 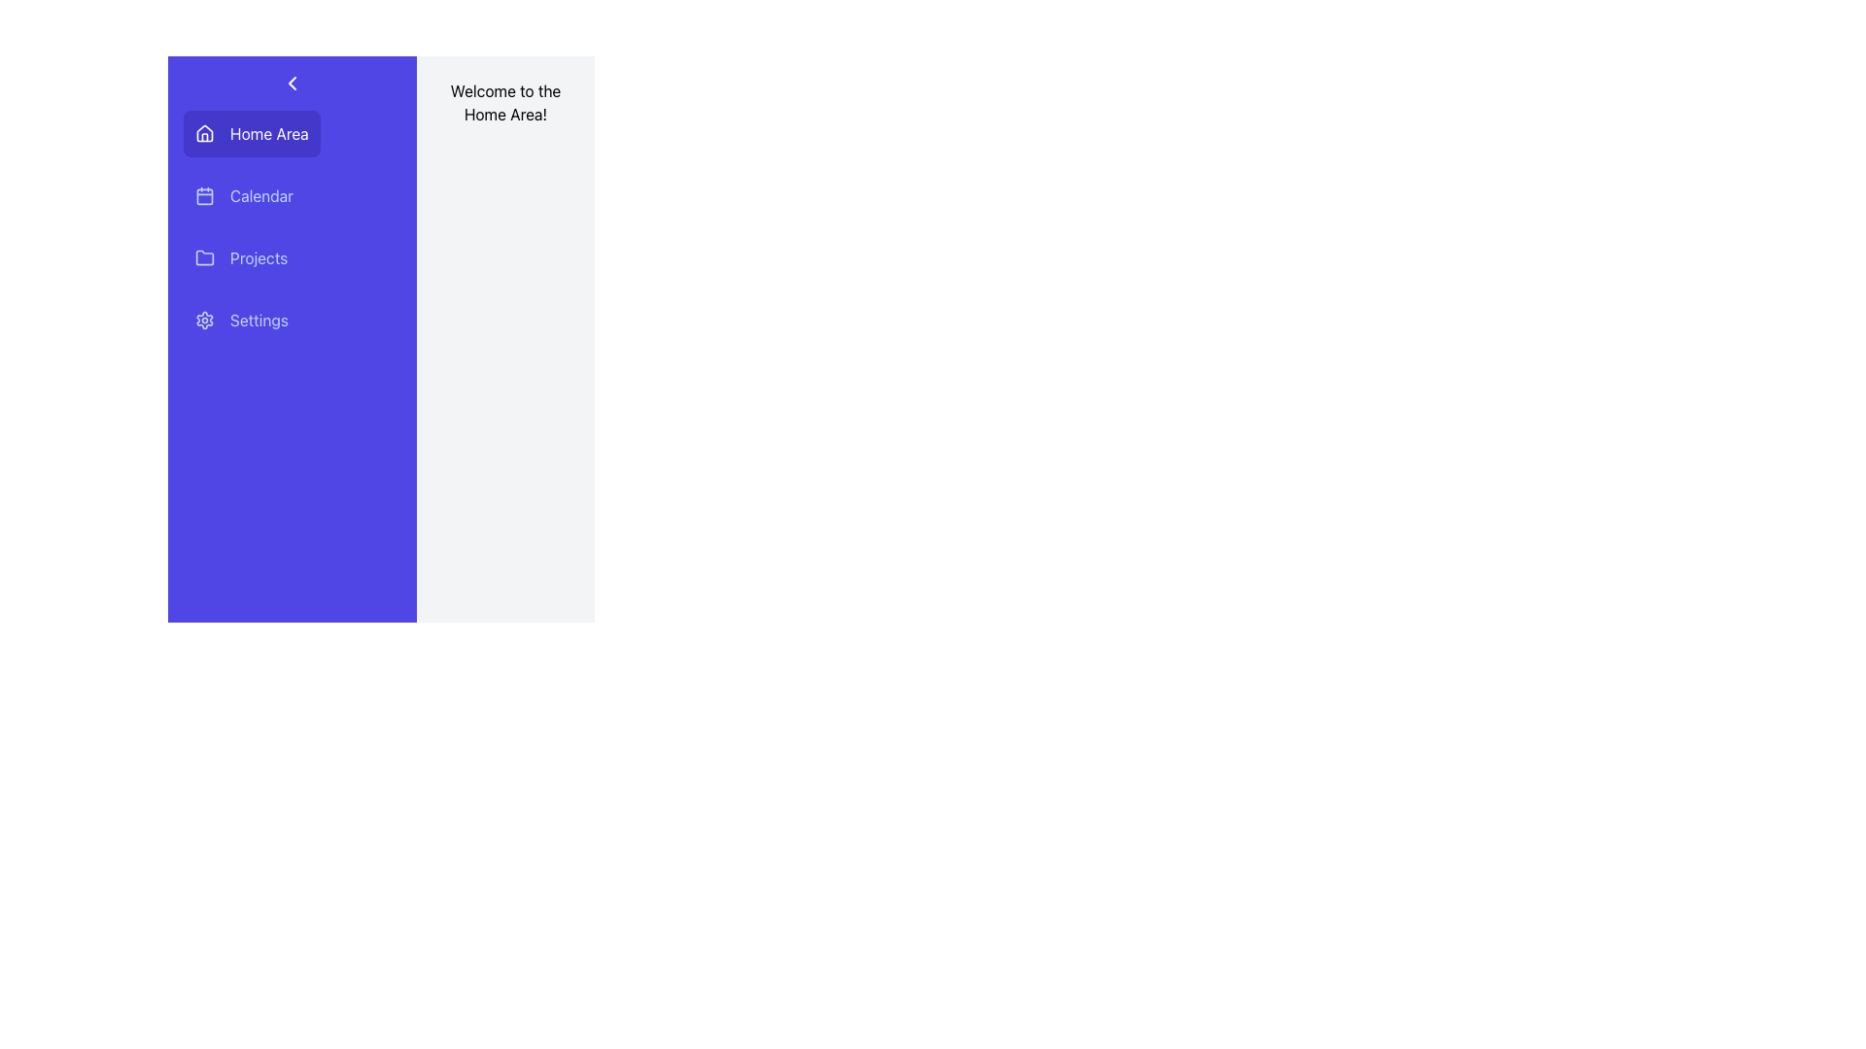 What do you see at coordinates (205, 257) in the screenshot?
I see `the folder icon representing the 'Projects' menu item located in the navigation menu, positioned to the left of the 'Projects' text` at bounding box center [205, 257].